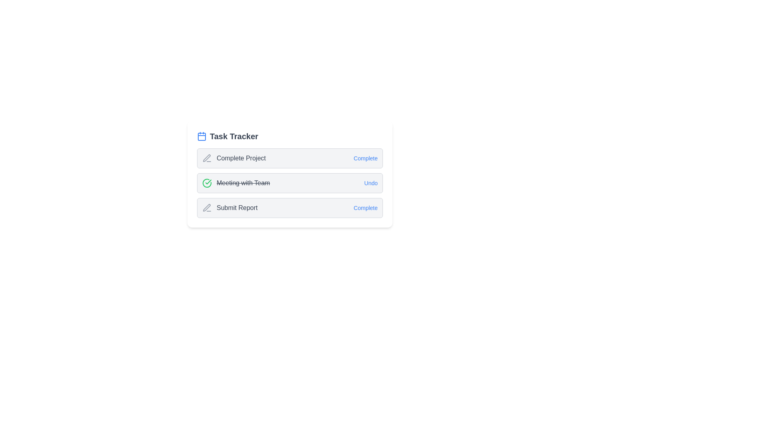  What do you see at coordinates (236, 183) in the screenshot?
I see `the label text block displaying 'Meeting with Team', which indicates task completion with a strikethrough style, positioned horizontally next to a green checkmark` at bounding box center [236, 183].